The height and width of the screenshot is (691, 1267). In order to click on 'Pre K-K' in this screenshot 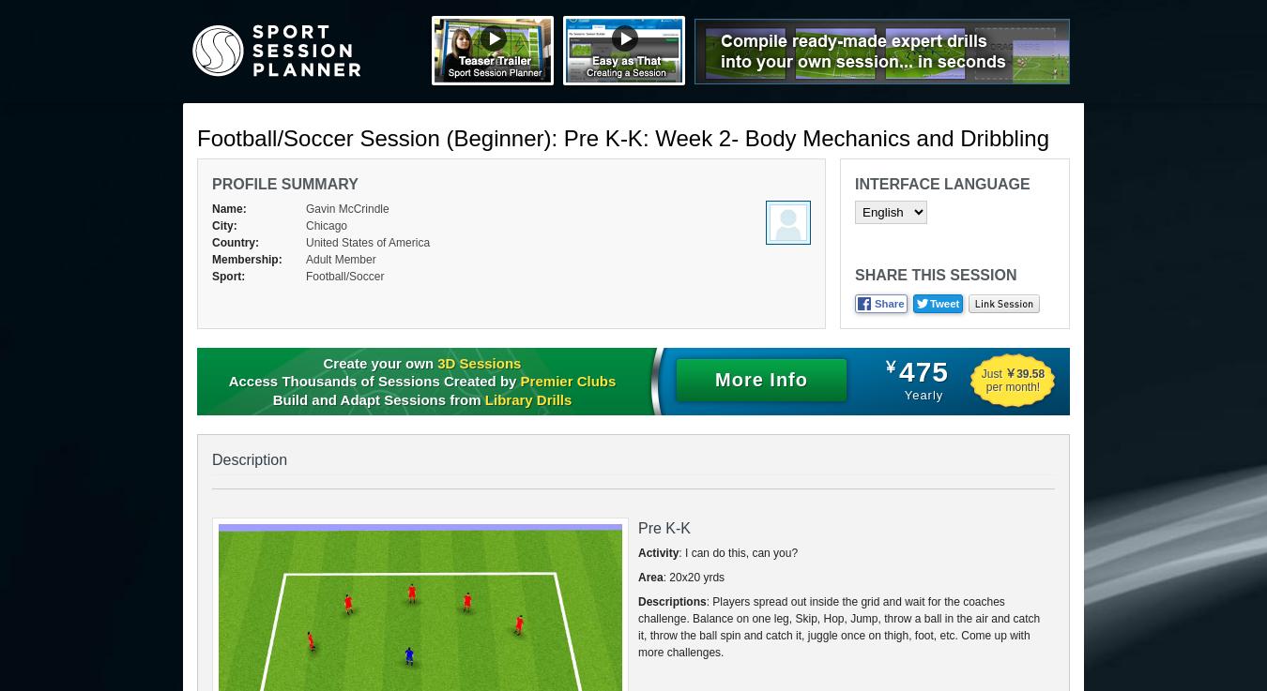, I will do `click(663, 528)`.